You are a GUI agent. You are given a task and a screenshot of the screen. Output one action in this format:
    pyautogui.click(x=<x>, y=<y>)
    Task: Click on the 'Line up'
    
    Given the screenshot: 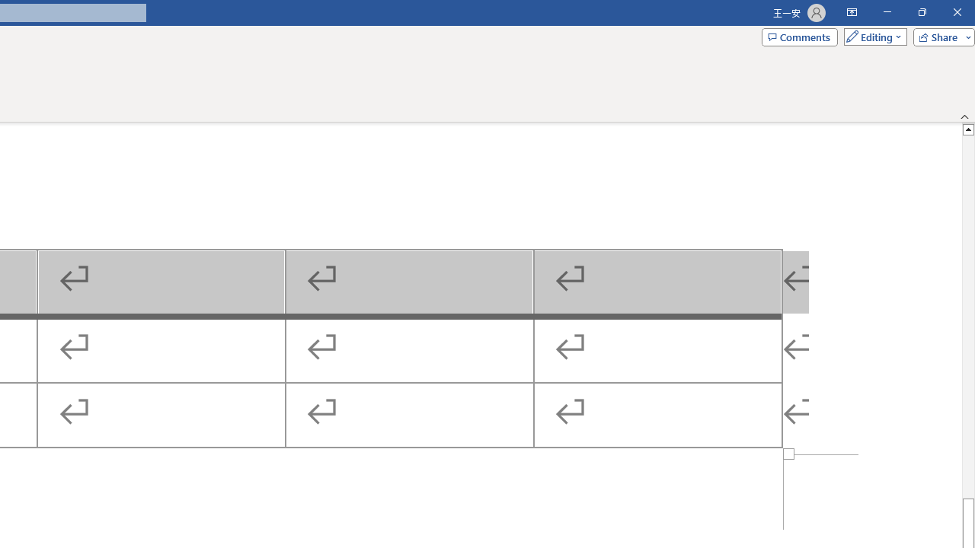 What is the action you would take?
    pyautogui.click(x=967, y=128)
    